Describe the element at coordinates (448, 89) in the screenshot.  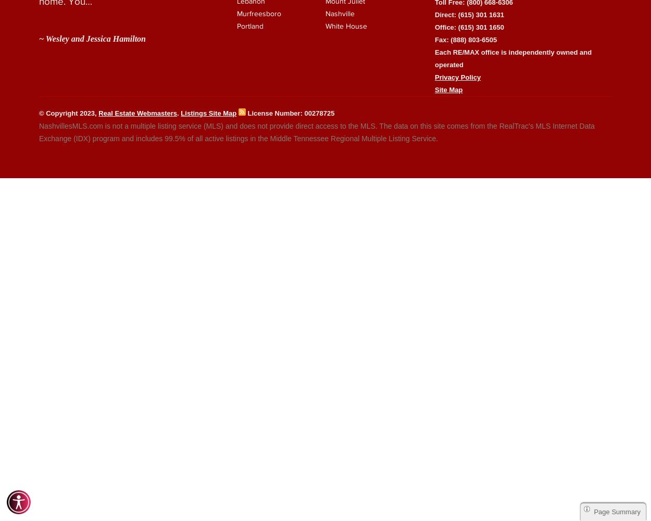
I see `'Site Map'` at that location.